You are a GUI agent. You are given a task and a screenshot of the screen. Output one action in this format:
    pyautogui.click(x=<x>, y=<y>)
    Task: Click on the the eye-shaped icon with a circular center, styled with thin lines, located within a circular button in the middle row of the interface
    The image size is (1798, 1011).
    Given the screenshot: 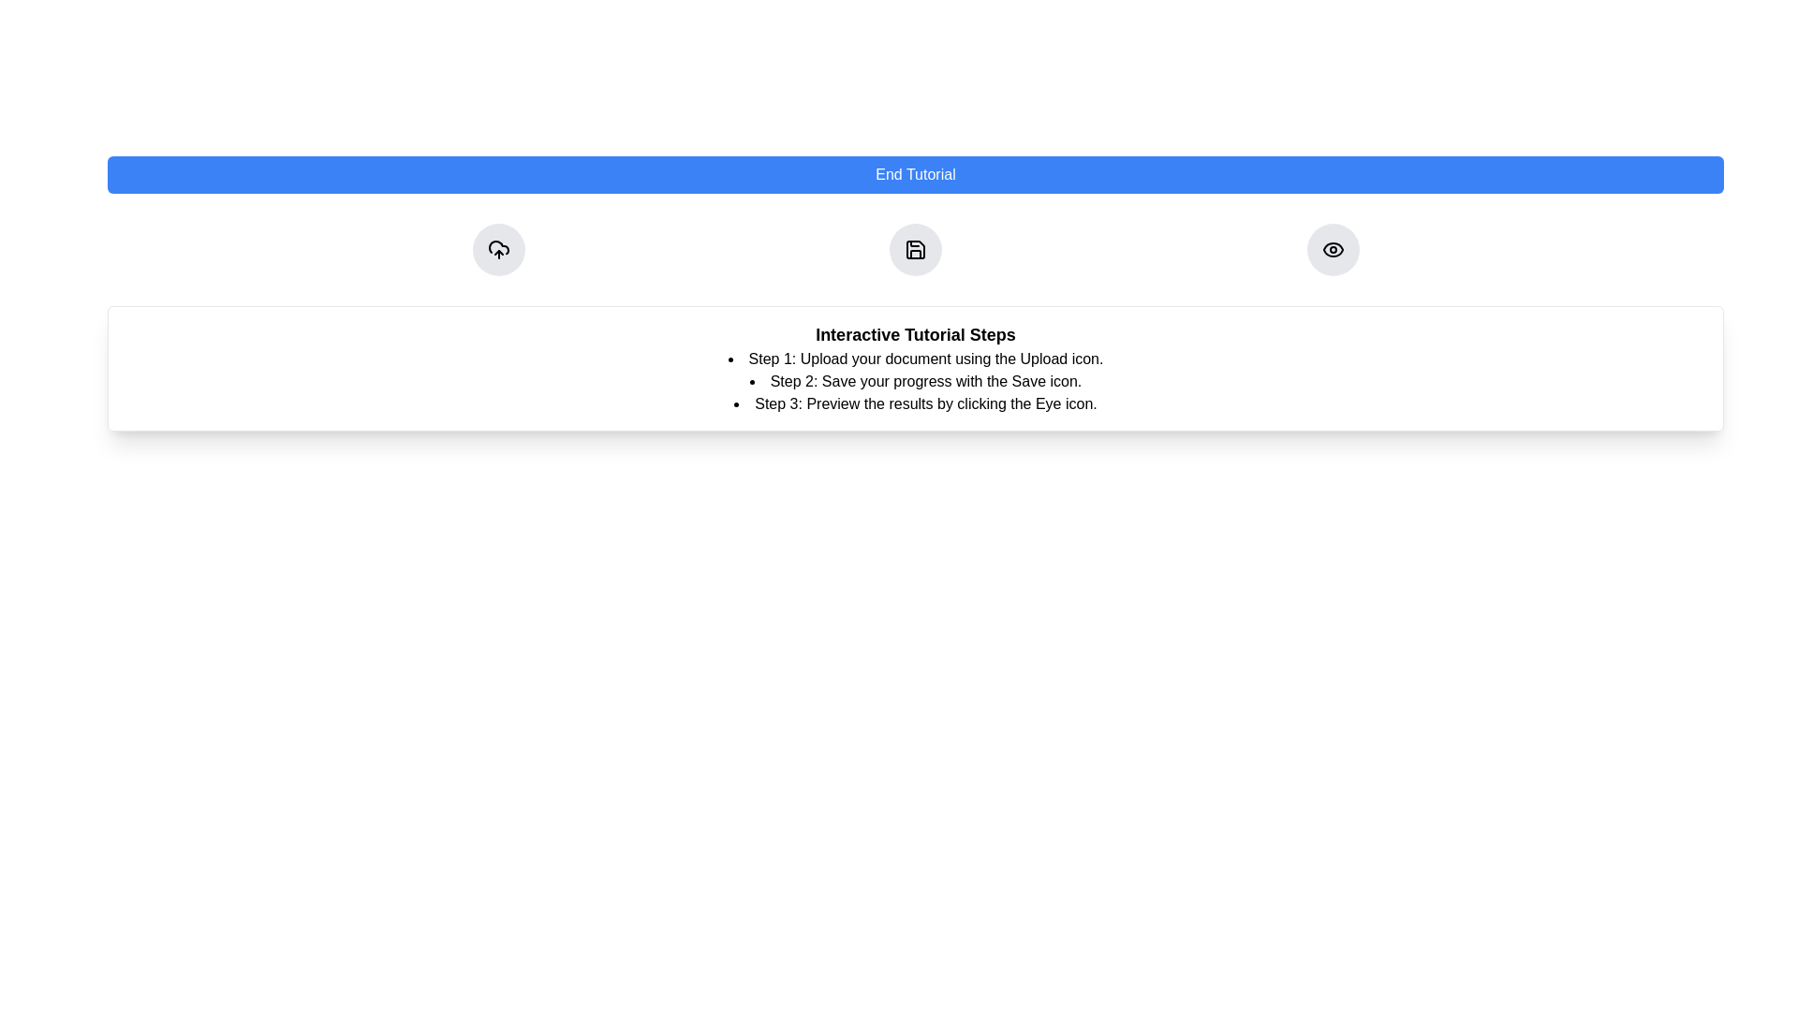 What is the action you would take?
    pyautogui.click(x=1332, y=248)
    